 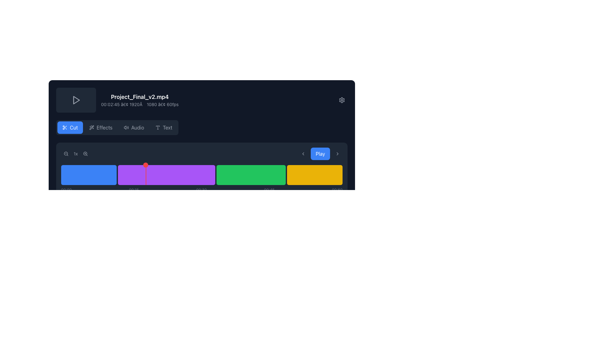 I want to click on the 'Cut' button with a scissors icon, which is styled in blue with white text and located, so click(x=74, y=127).